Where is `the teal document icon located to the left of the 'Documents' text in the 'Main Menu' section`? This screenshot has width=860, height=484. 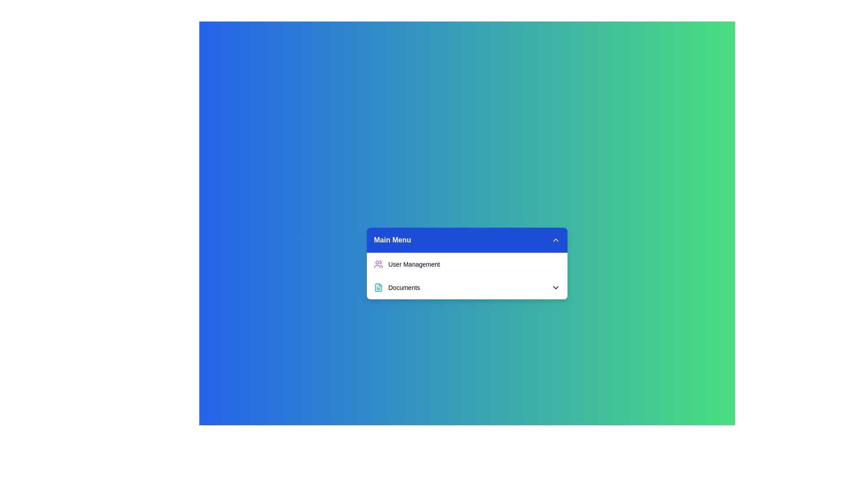 the teal document icon located to the left of the 'Documents' text in the 'Main Menu' section is located at coordinates (378, 287).